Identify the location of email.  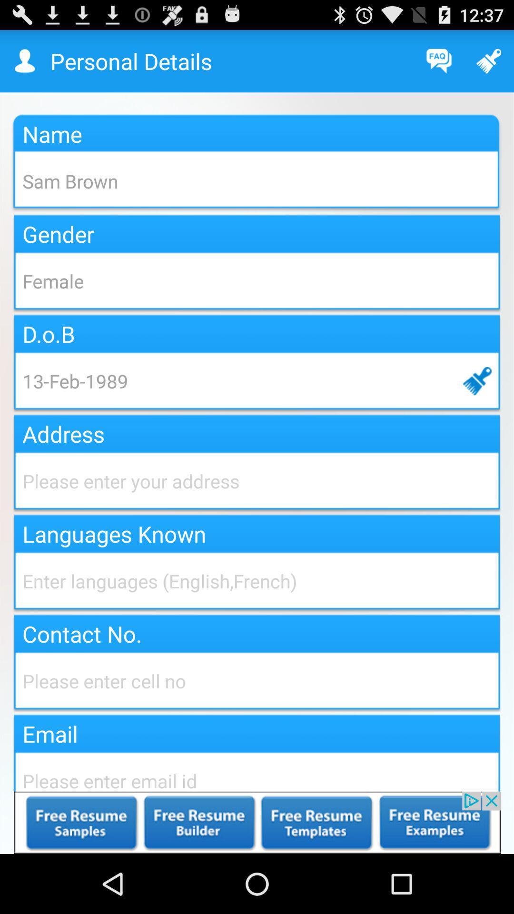
(257, 770).